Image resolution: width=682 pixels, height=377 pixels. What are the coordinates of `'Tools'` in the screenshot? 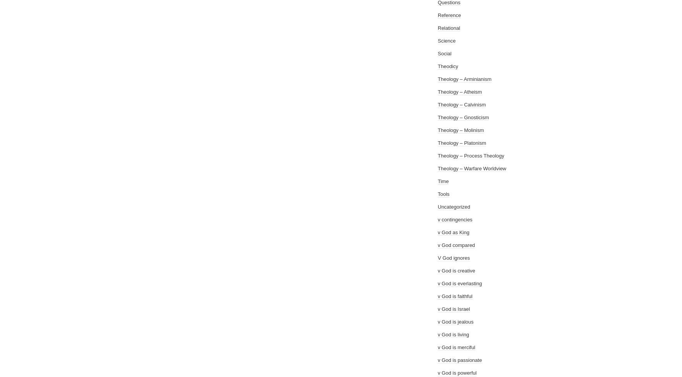 It's located at (444, 194).